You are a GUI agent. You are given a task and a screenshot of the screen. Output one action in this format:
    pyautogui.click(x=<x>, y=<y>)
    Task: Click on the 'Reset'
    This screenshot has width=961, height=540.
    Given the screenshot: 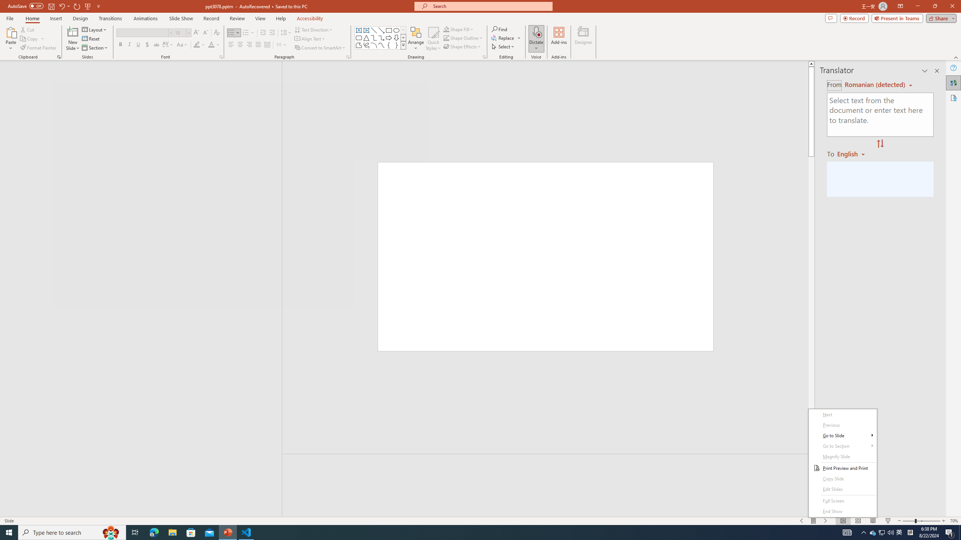 What is the action you would take?
    pyautogui.click(x=91, y=39)
    